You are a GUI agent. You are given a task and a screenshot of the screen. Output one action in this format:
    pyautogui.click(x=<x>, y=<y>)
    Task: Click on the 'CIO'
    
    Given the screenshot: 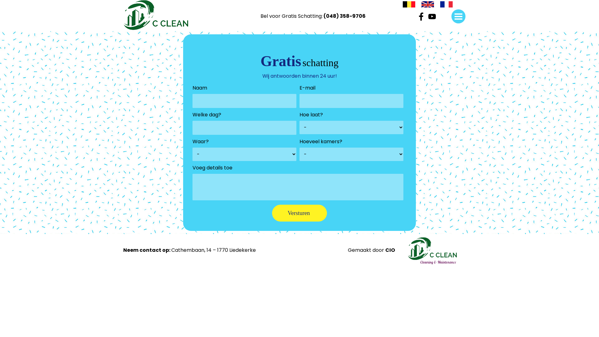 What is the action you would take?
    pyautogui.click(x=390, y=250)
    